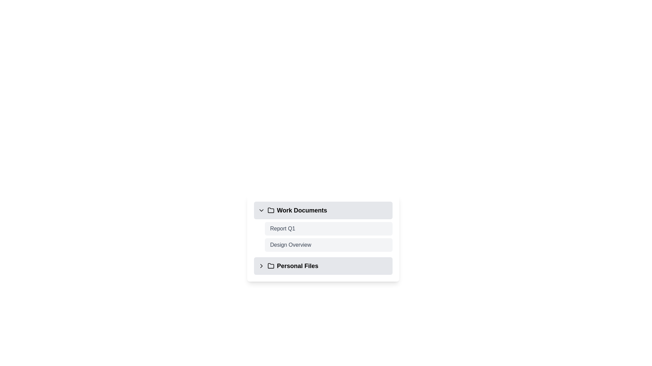  What do you see at coordinates (290, 245) in the screenshot?
I see `the static text label reading 'Design Overview' which is styled in gray on a light gray background, located within the 'Work Documents' section` at bounding box center [290, 245].